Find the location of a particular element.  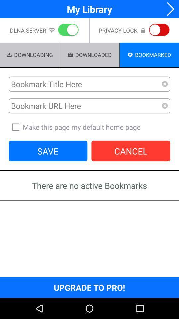

item above the save button is located at coordinates (89, 127).